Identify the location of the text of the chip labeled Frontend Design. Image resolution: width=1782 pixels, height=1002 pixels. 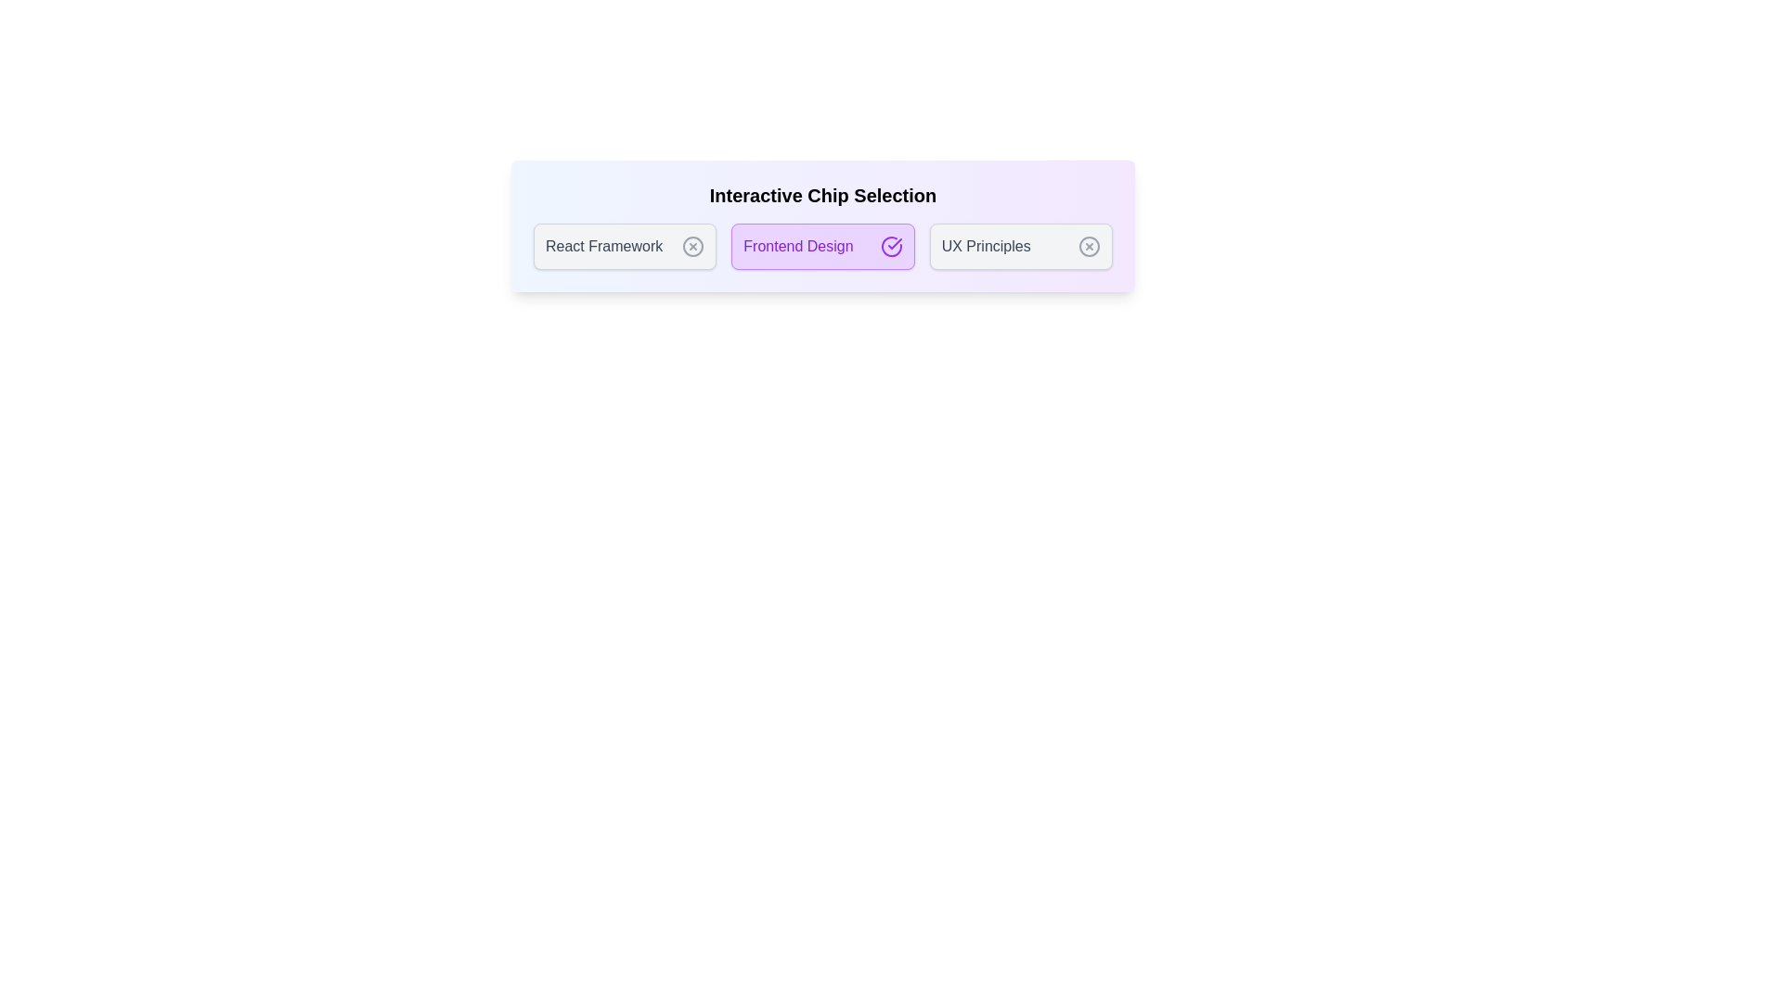
(822, 246).